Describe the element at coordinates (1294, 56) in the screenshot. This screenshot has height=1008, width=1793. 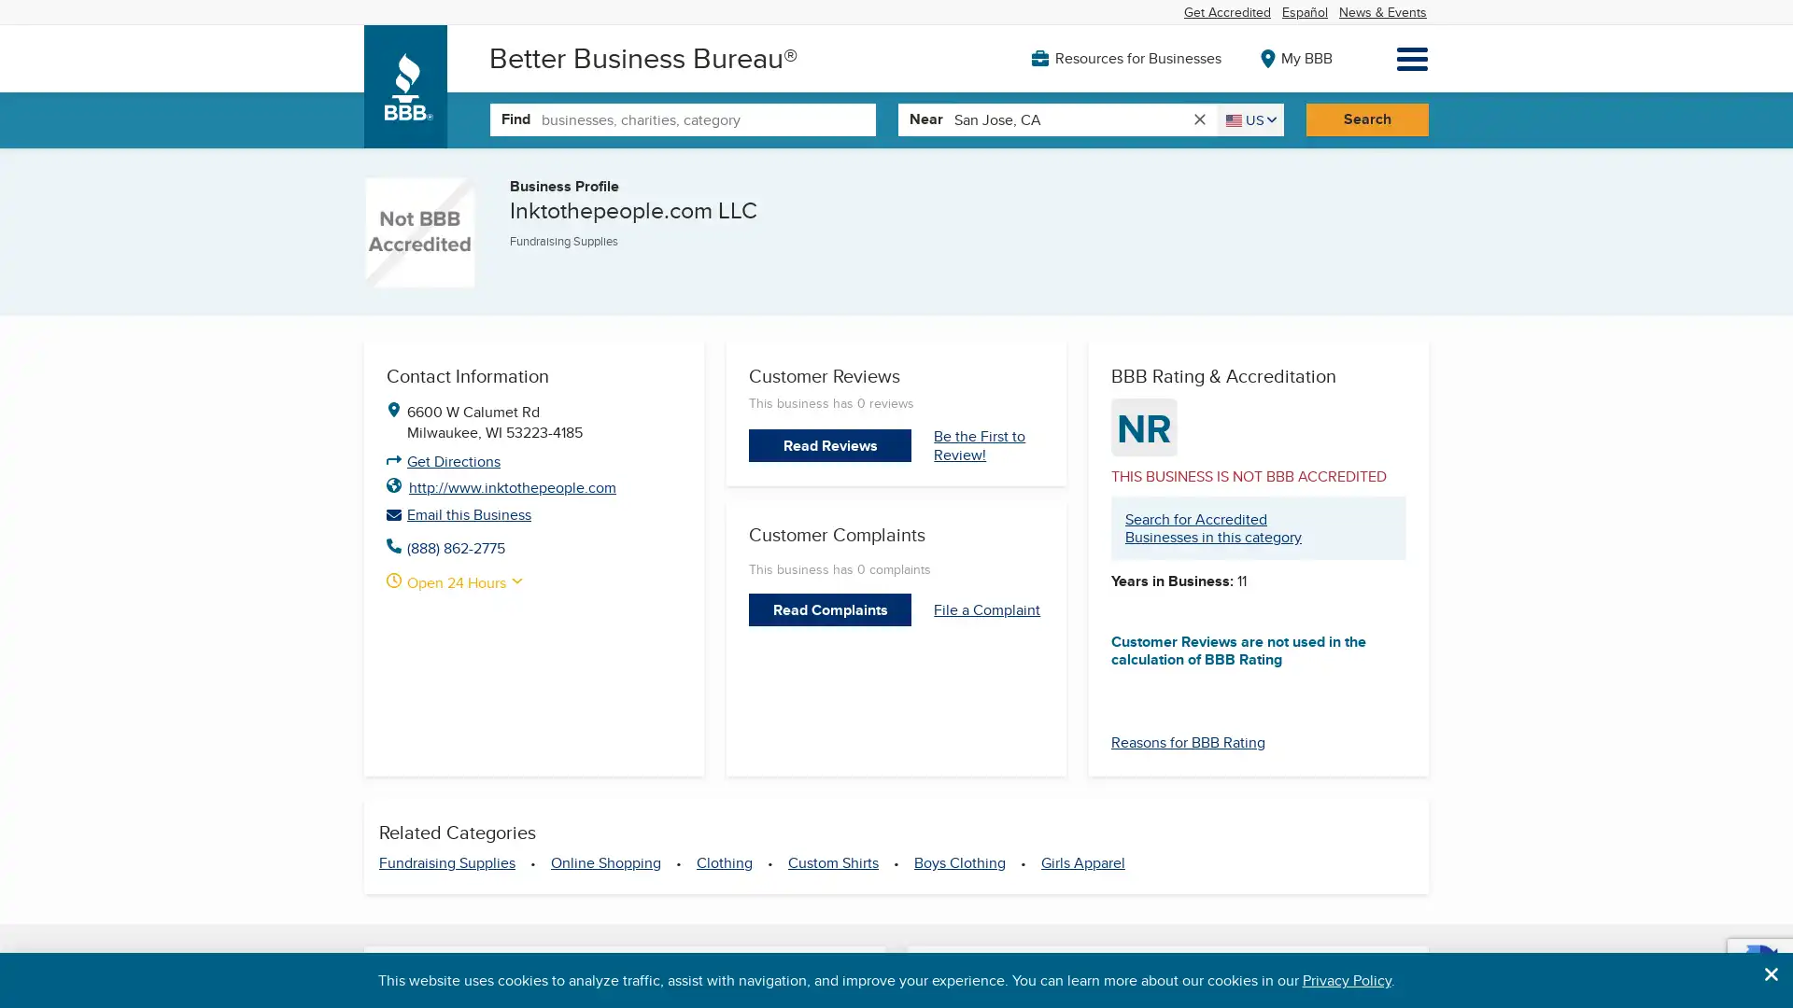
I see `My BBB` at that location.